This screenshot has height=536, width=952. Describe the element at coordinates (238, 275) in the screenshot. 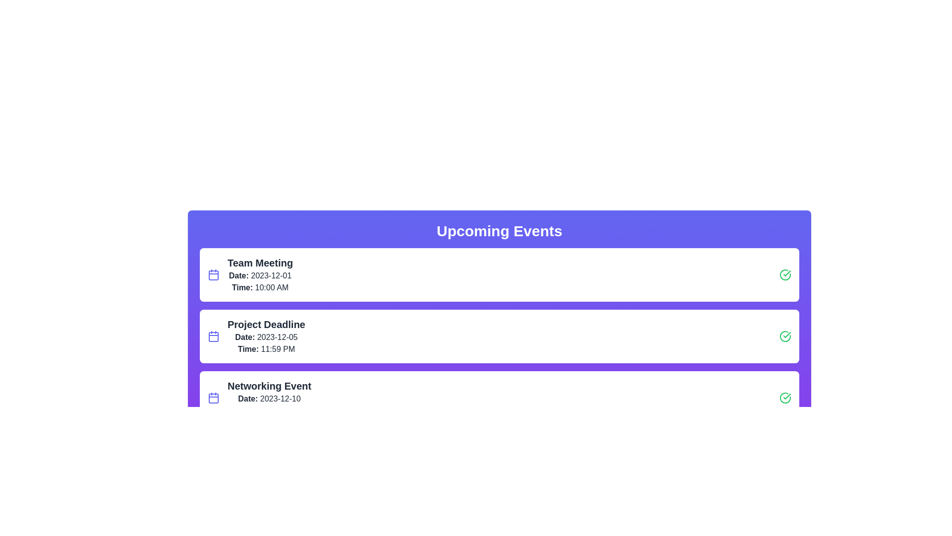

I see `the label text in the first event card labeled 'Team Meeting' located in the 'Upcoming Events' section, which identifies the associated date information for '2023-12-01'` at that location.